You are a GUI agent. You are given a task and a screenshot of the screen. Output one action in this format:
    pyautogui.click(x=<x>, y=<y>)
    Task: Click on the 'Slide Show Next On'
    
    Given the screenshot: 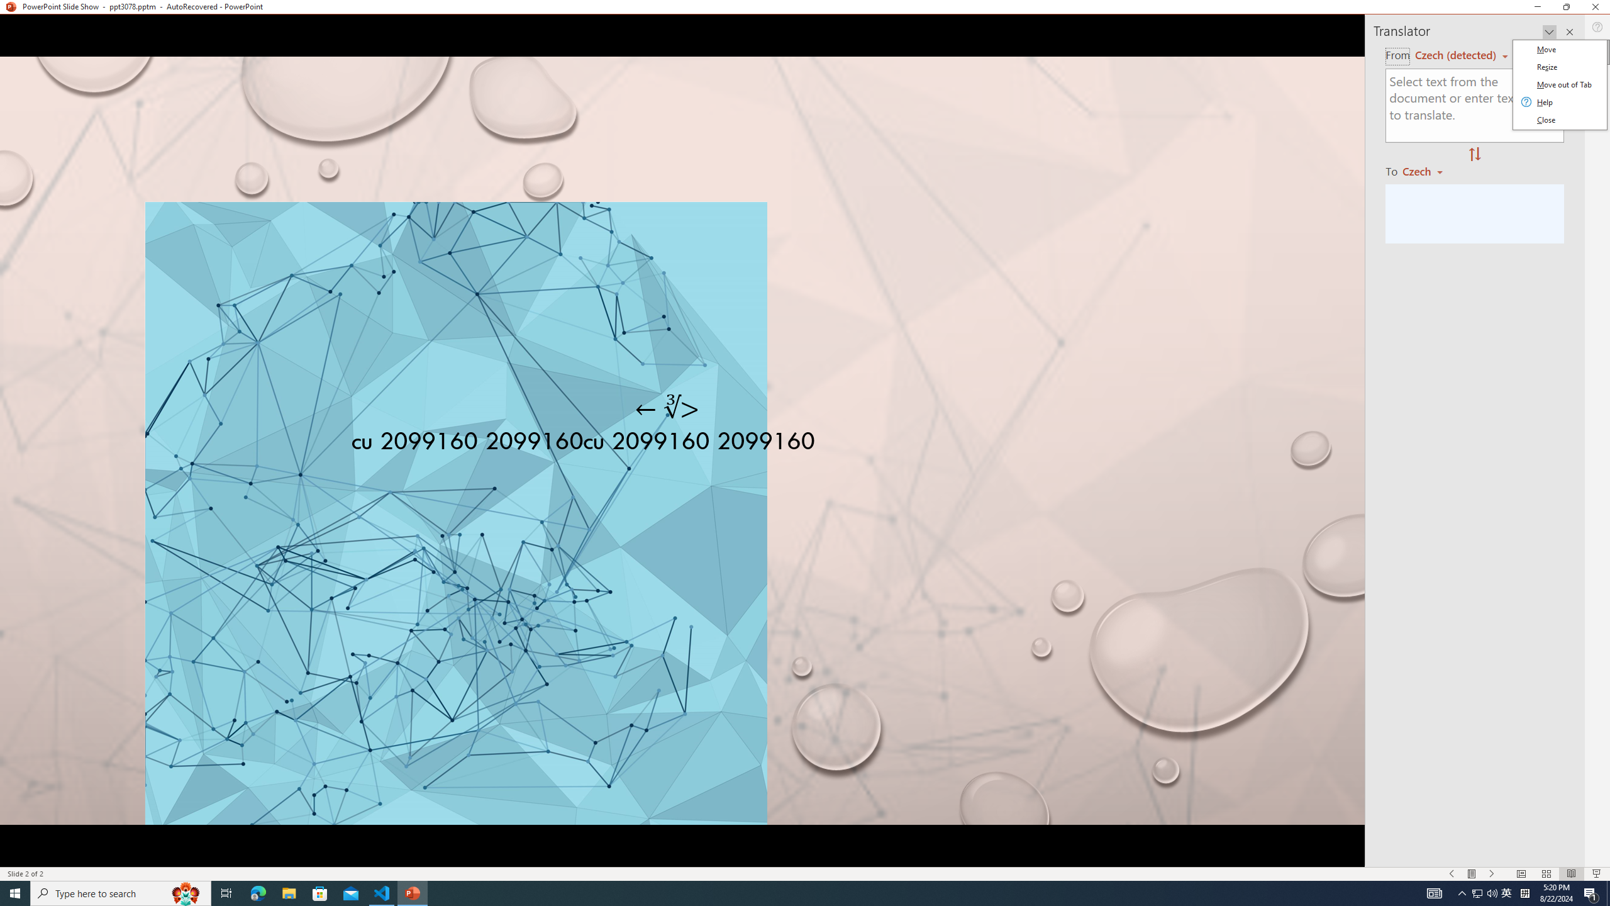 What is the action you would take?
    pyautogui.click(x=1492, y=874)
    